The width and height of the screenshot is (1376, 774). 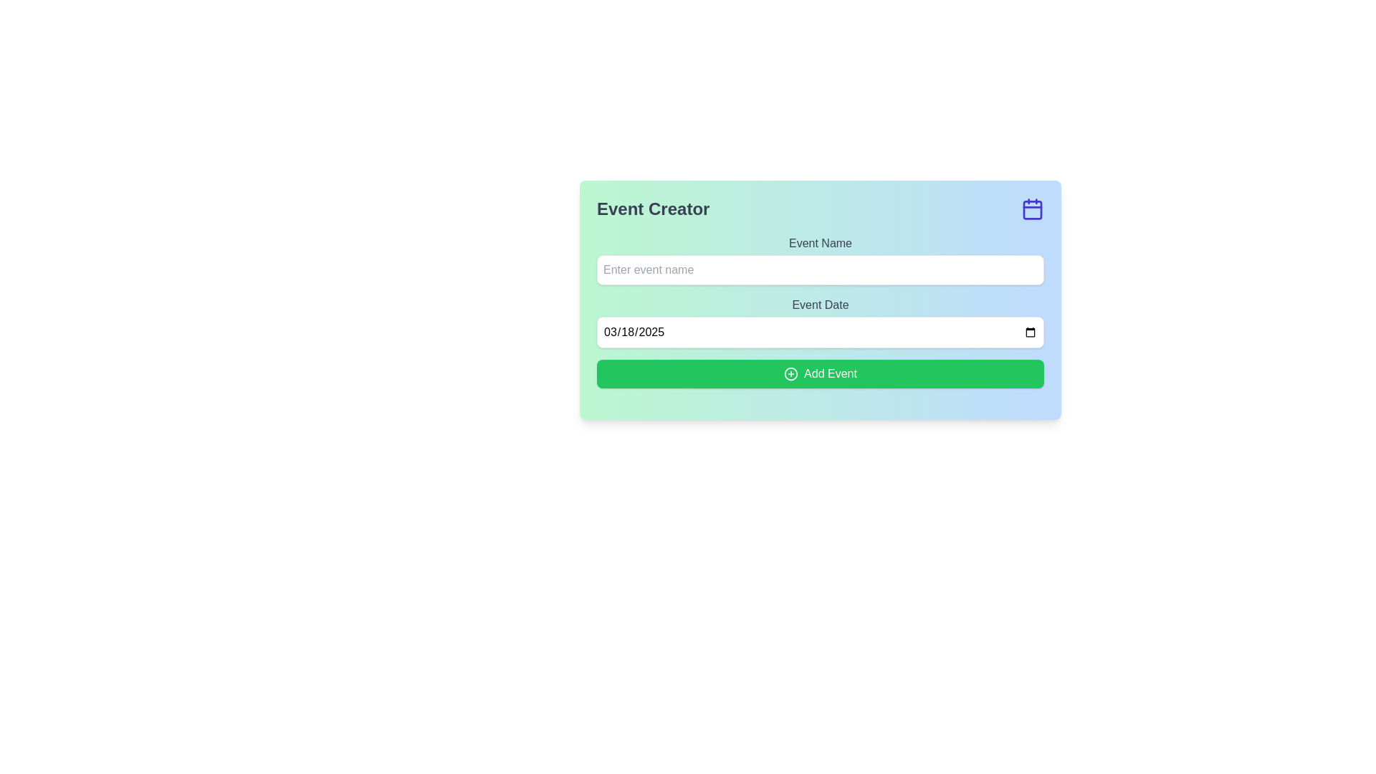 I want to click on the 'Event Date' label which is displayed in medium gray color and located above the date input field, so click(x=821, y=303).